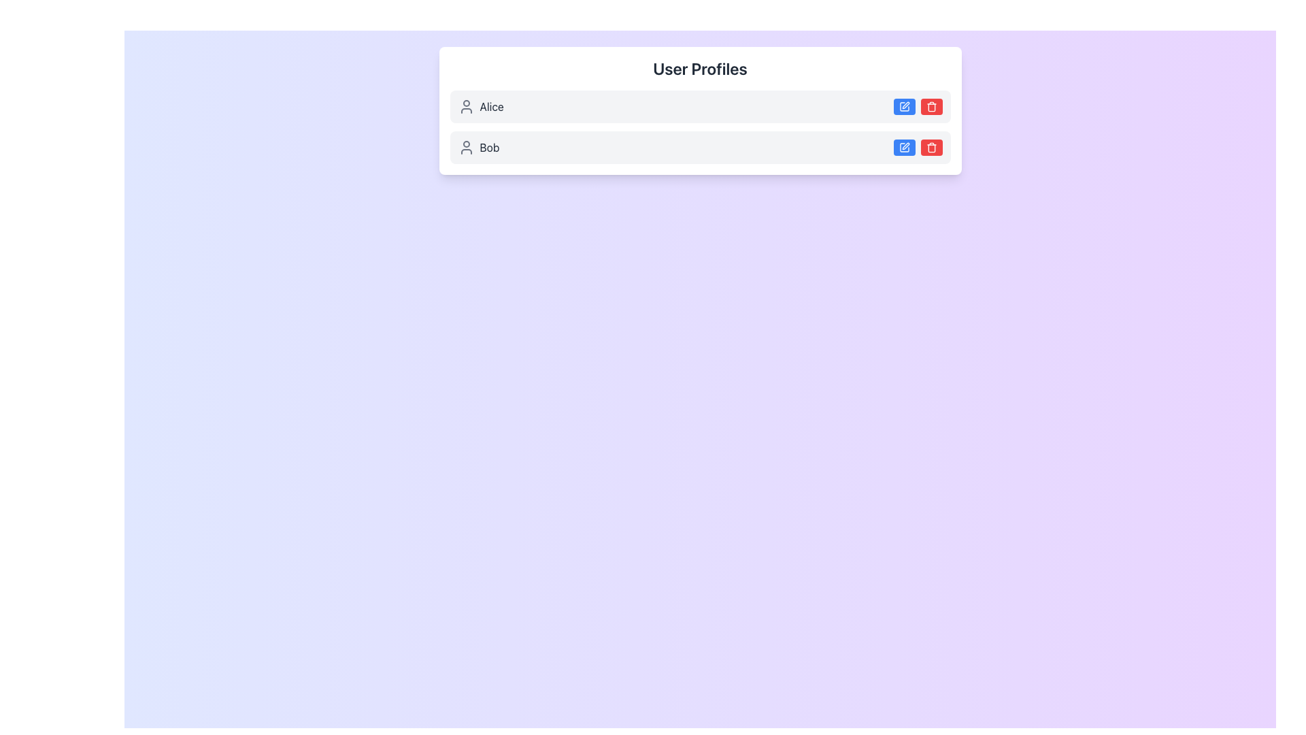 This screenshot has height=735, width=1306. What do you see at coordinates (490, 147) in the screenshot?
I see `text displayed in the username label of the user profile, which is the second item in a vertical list of user profiles, aligned to the right of the user icon` at bounding box center [490, 147].